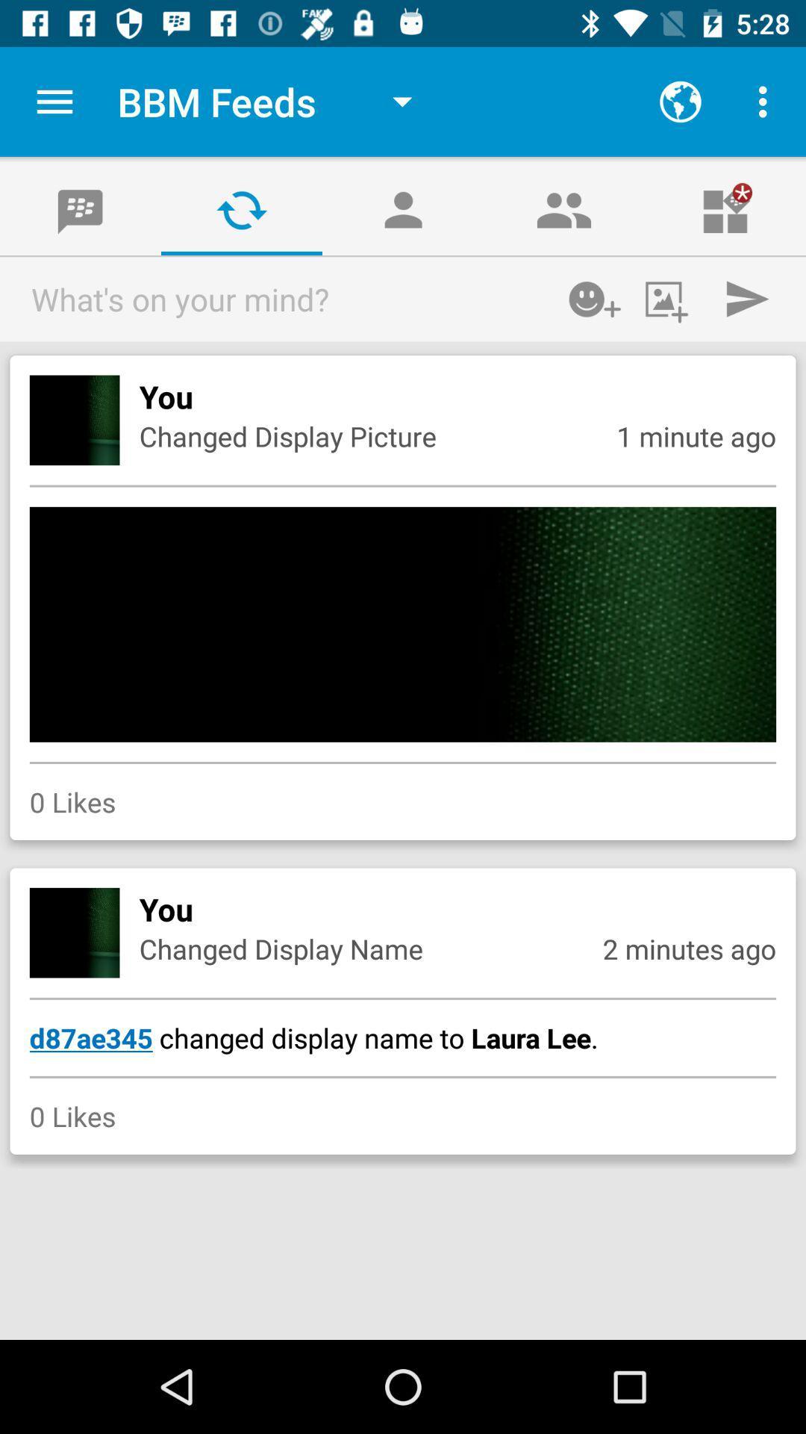 This screenshot has height=1434, width=806. What do you see at coordinates (564, 209) in the screenshot?
I see `the fourth icon from the left below bbm feeds` at bounding box center [564, 209].